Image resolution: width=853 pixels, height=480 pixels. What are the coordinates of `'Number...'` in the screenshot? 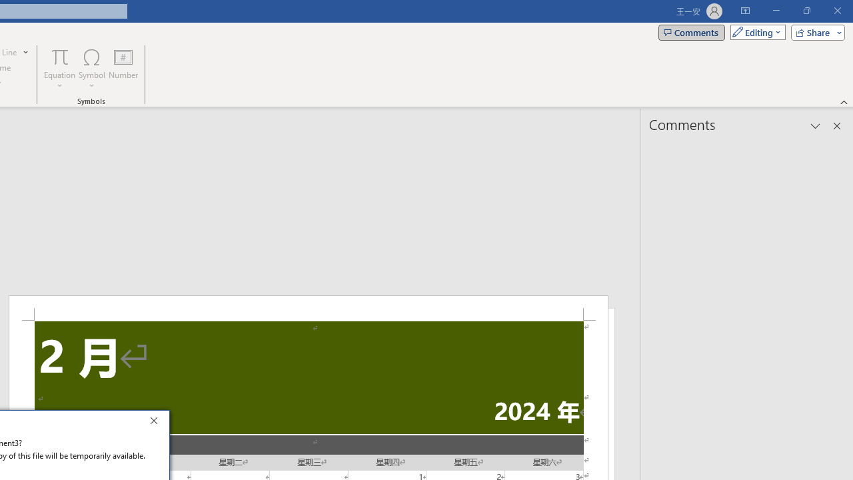 It's located at (123, 69).